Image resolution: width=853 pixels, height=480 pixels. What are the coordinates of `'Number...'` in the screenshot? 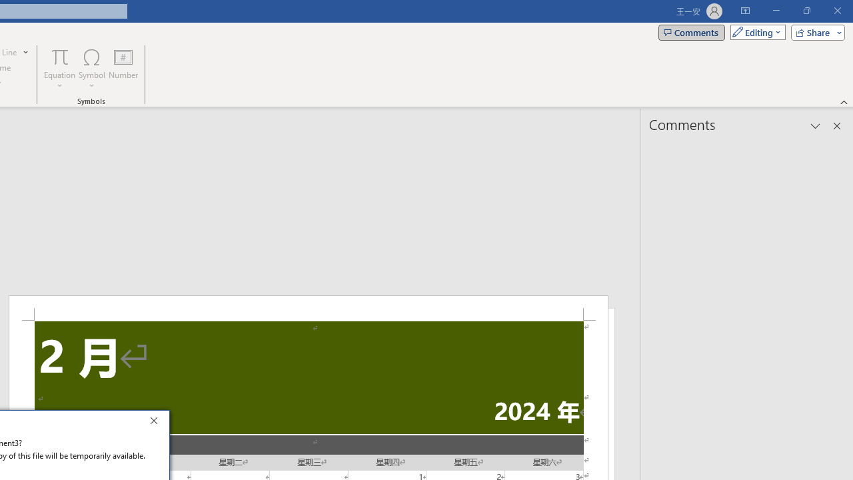 It's located at (123, 69).